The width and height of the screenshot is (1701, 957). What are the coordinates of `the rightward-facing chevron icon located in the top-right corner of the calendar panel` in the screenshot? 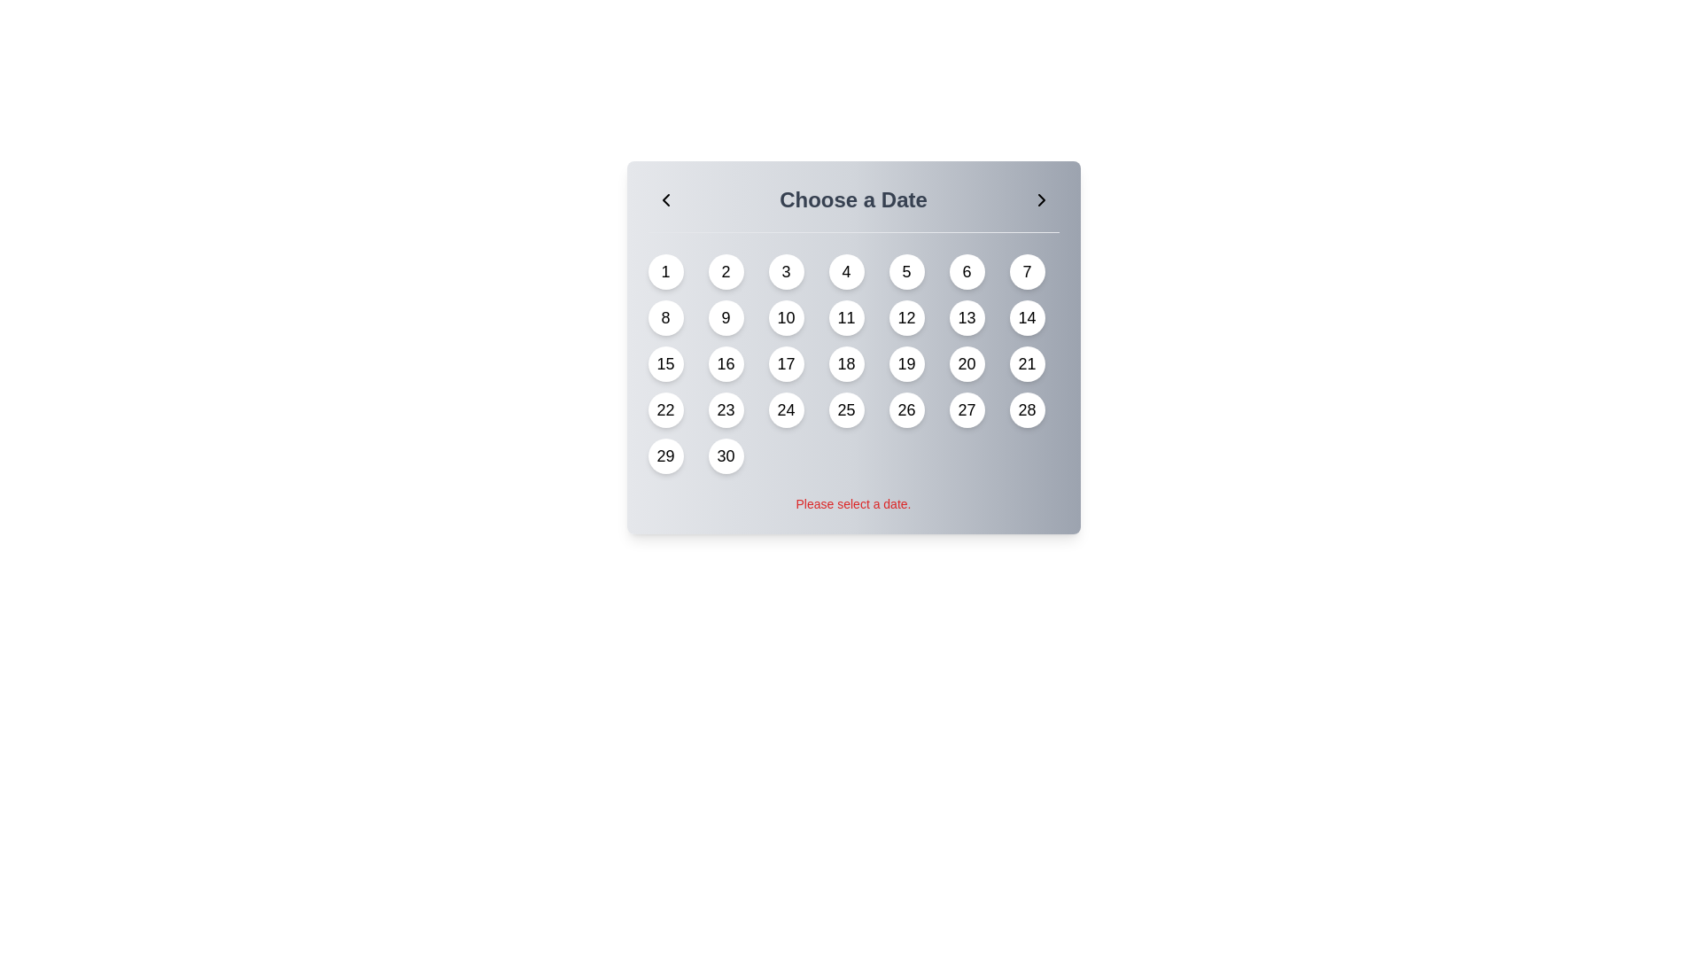 It's located at (1041, 199).